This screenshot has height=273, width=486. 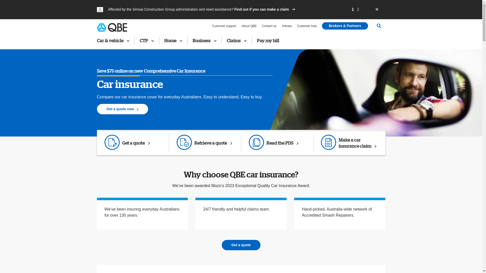 What do you see at coordinates (224, 26) in the screenshot?
I see `'Customer support'` at bounding box center [224, 26].